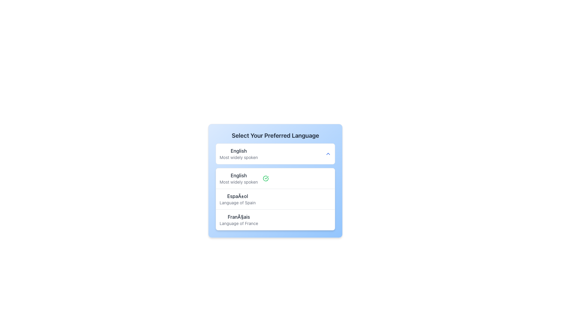  What do you see at coordinates (238, 217) in the screenshot?
I see `the language selection label located at the top of the language options dropdown menu titled 'Select Your Preferred Language'` at bounding box center [238, 217].